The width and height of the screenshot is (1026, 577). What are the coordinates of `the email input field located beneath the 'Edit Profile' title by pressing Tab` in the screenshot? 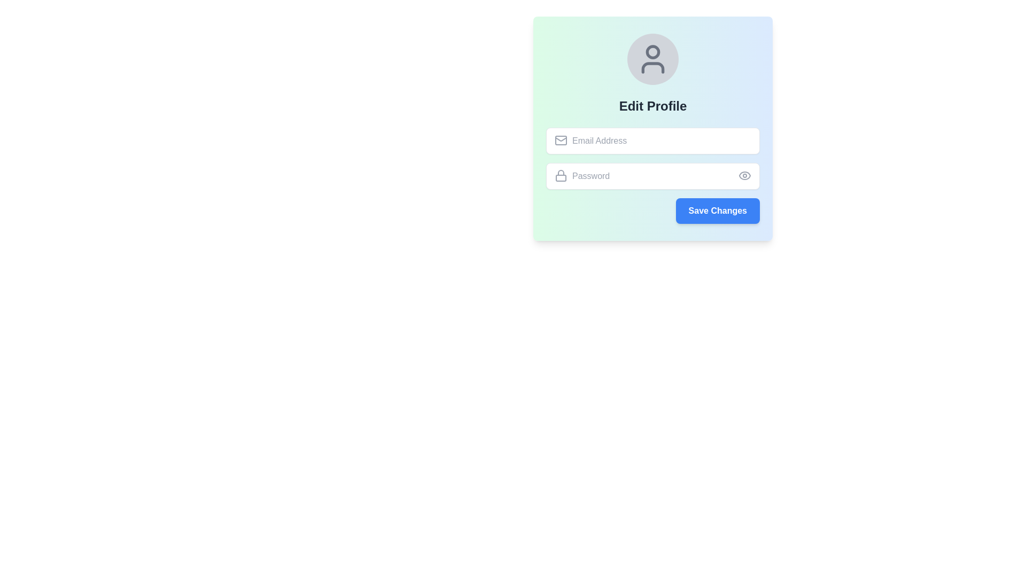 It's located at (652, 140).